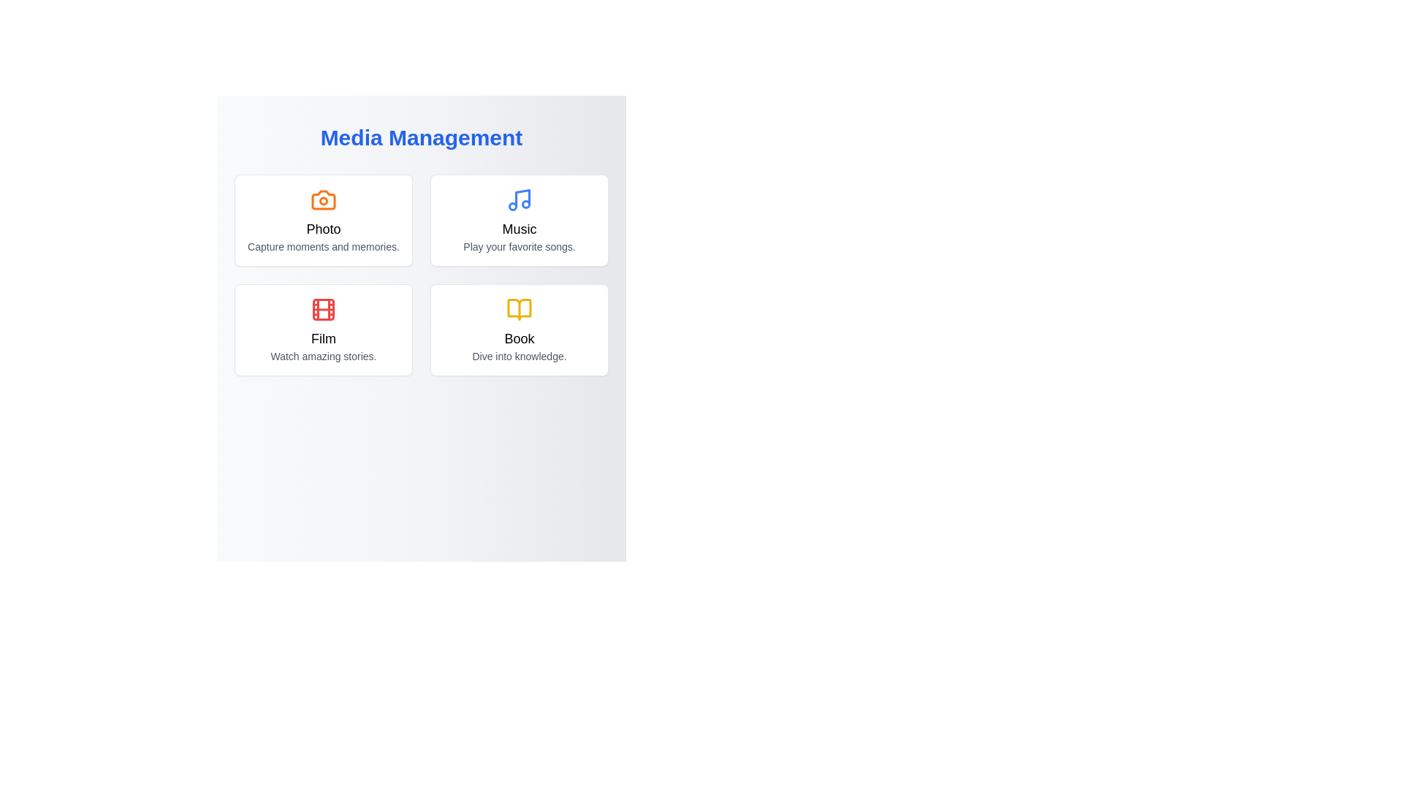 The width and height of the screenshot is (1403, 789). I want to click on the third card in the bottom-left corner of the 2x2 grid, so click(322, 329).